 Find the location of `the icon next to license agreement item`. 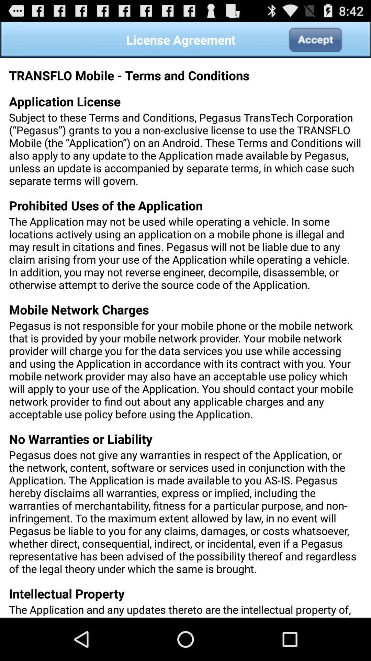

the icon next to license agreement item is located at coordinates (315, 39).